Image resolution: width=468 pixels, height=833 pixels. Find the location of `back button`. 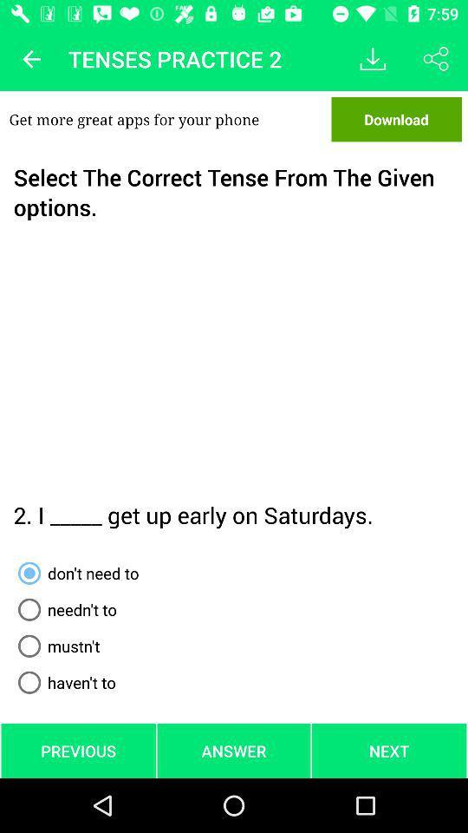

back button is located at coordinates (31, 59).